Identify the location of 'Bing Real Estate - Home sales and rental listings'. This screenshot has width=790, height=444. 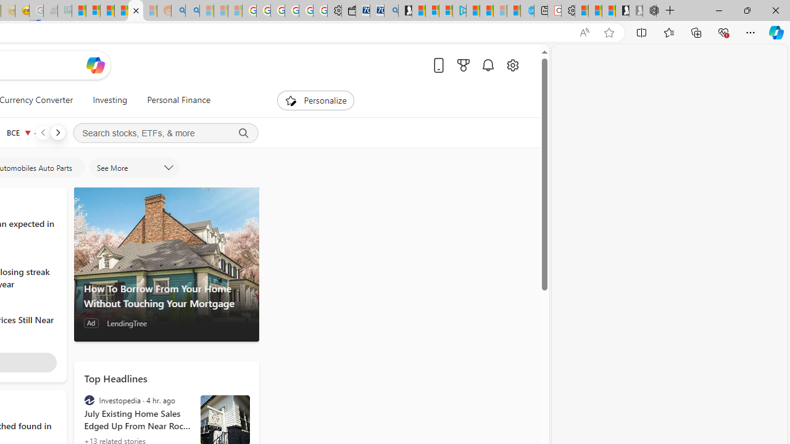
(391, 10).